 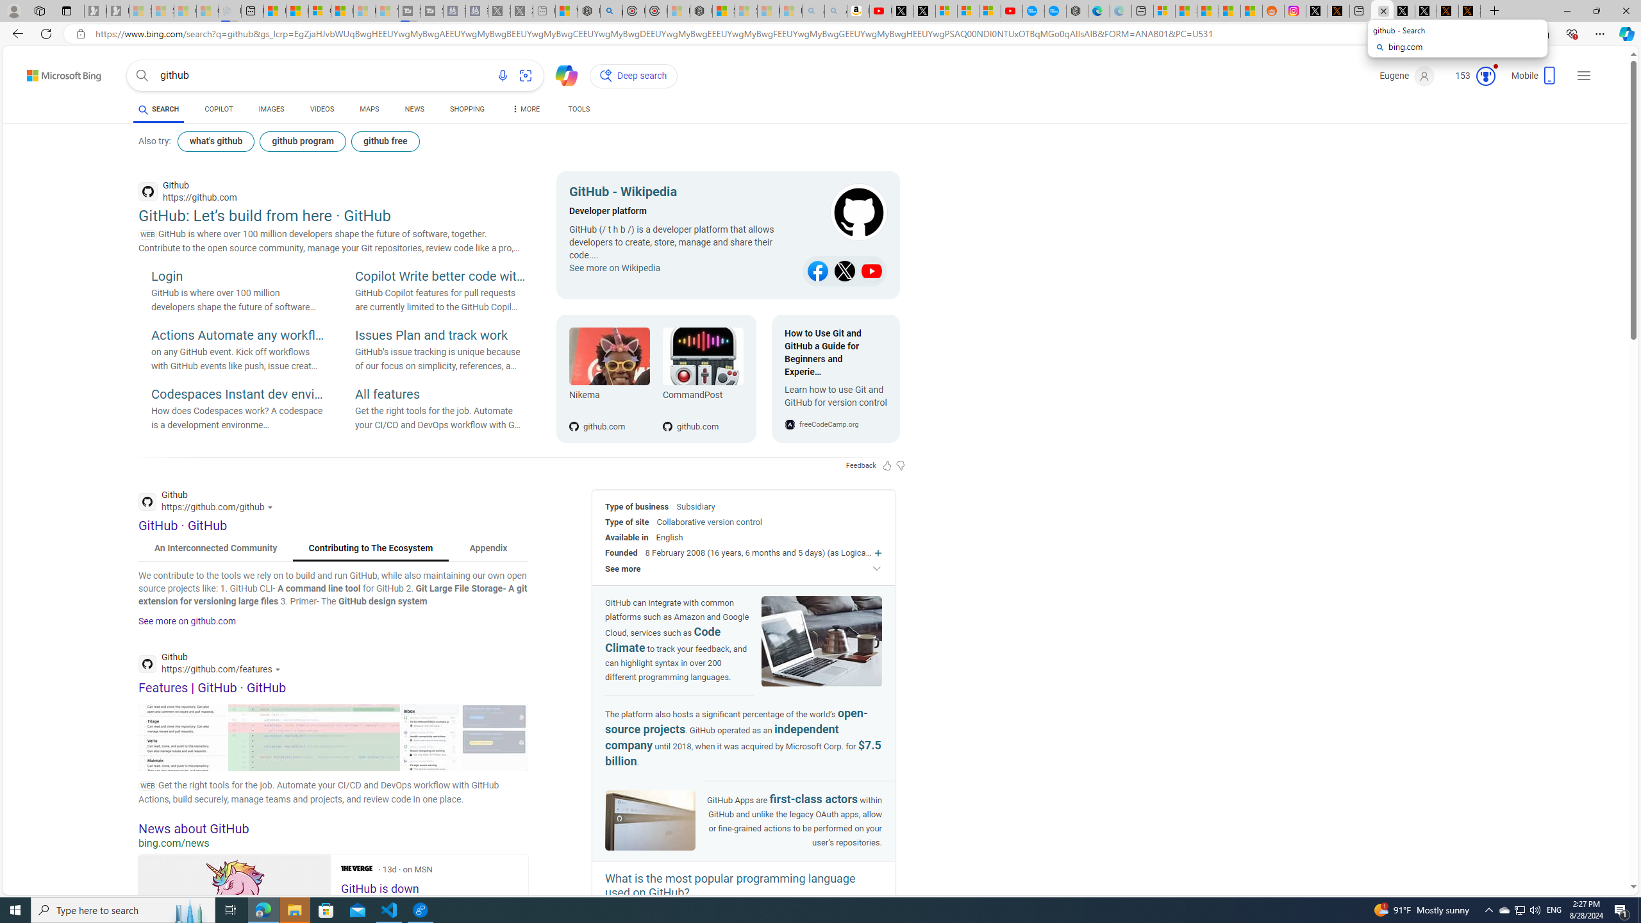 What do you see at coordinates (237, 336) in the screenshot?
I see `'Actions Automate any workflow'` at bounding box center [237, 336].